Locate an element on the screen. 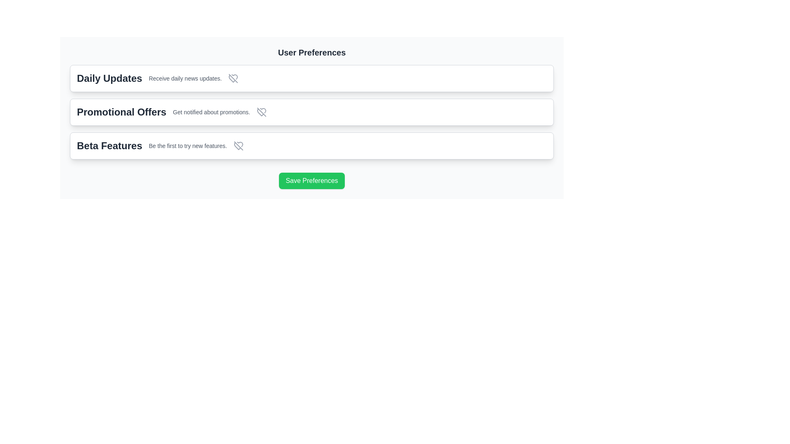 Image resolution: width=790 pixels, height=444 pixels. the Text Label that provides supplementary description to the title 'Promotional Offers', located beneath it within the card is located at coordinates (211, 112).